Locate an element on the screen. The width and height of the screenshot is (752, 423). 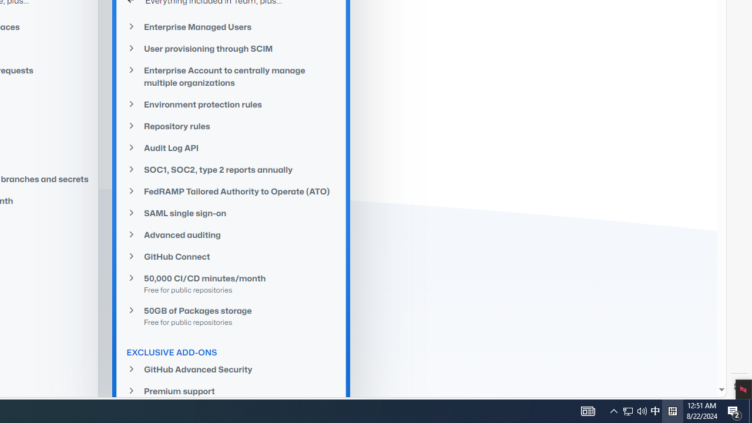
'SAML single sign-on' is located at coordinates (231, 213).